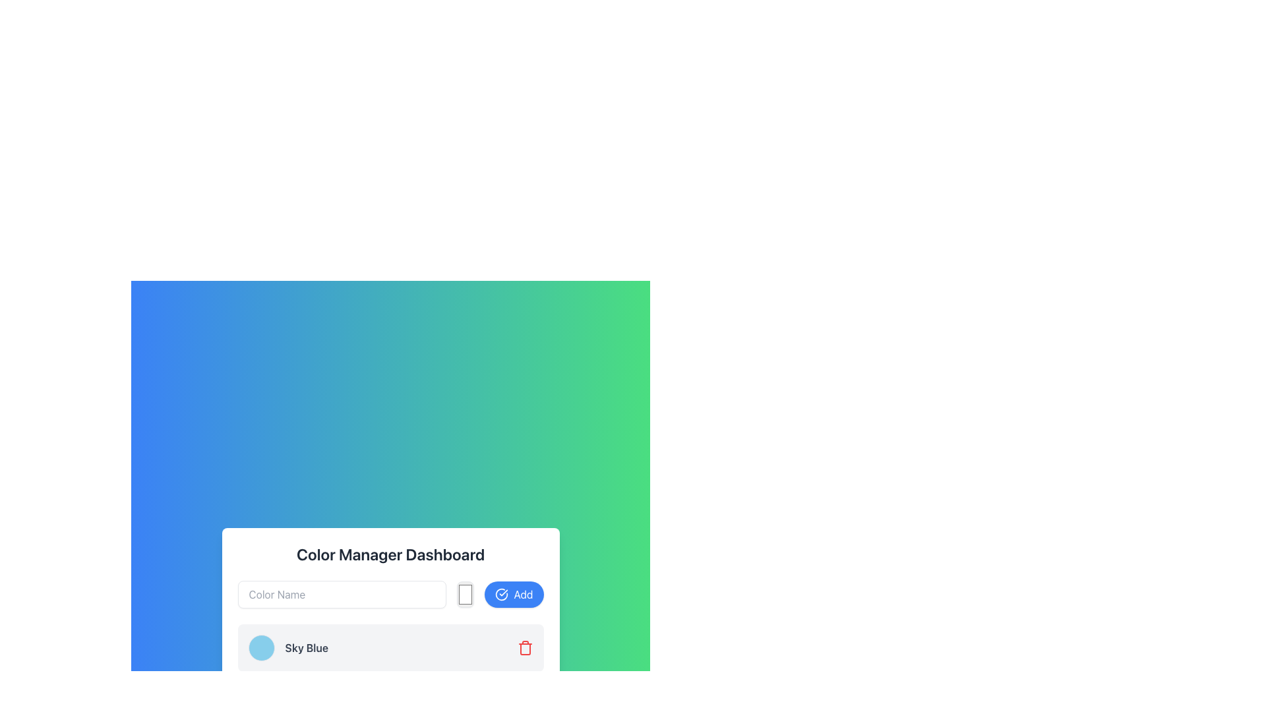 Image resolution: width=1266 pixels, height=712 pixels. What do you see at coordinates (513, 595) in the screenshot?
I see `the button that adds a specified color to the list` at bounding box center [513, 595].